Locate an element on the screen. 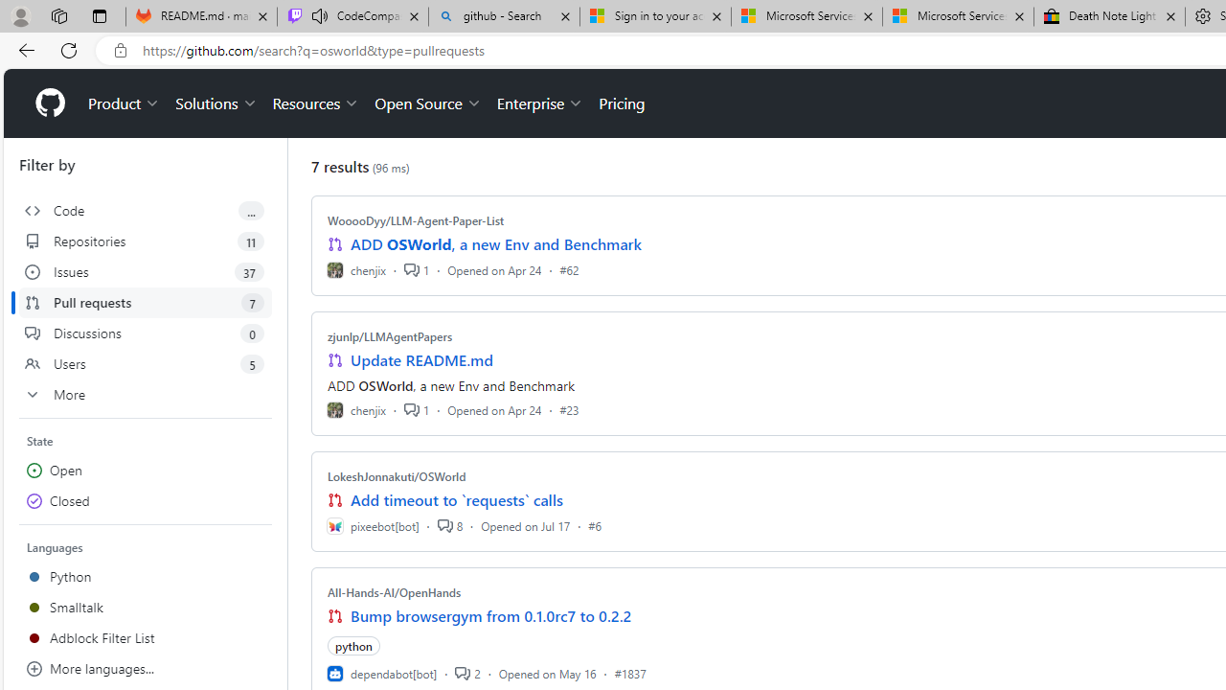 This screenshot has width=1226, height=690. 'Pricing' is located at coordinates (622, 103).